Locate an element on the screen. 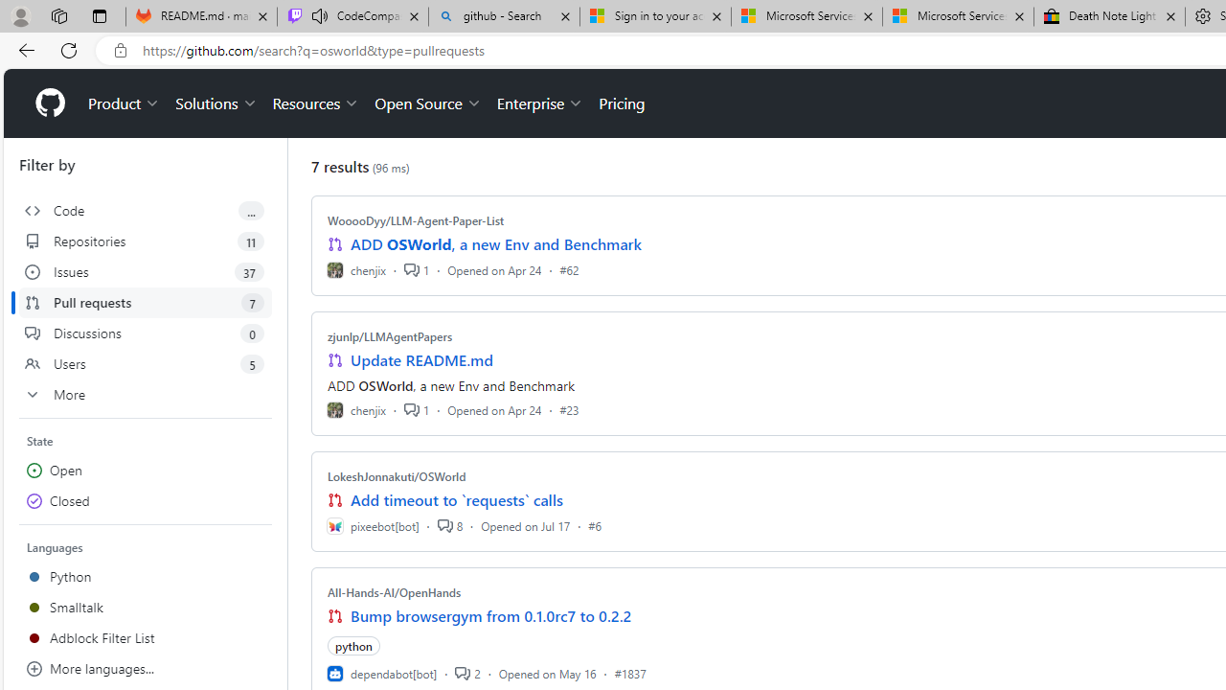 This screenshot has width=1226, height=690. 'Pricing' is located at coordinates (622, 103).